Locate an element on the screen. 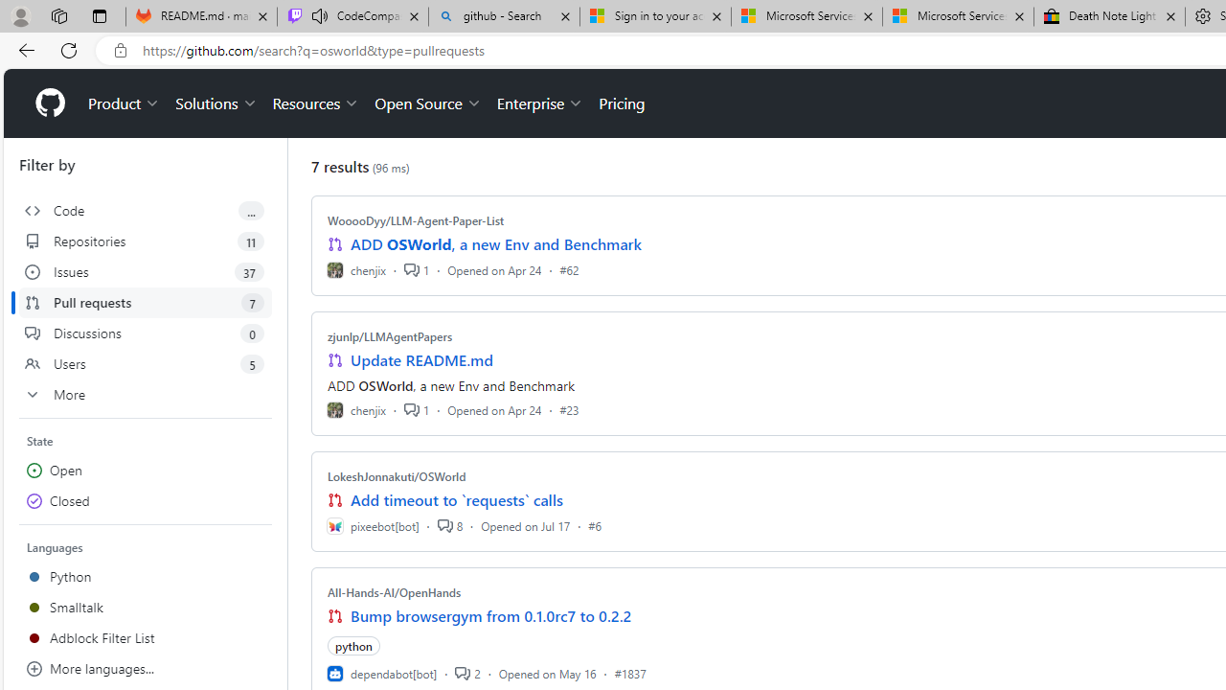 This screenshot has width=1226, height=690. 'Pricing' is located at coordinates (622, 103).